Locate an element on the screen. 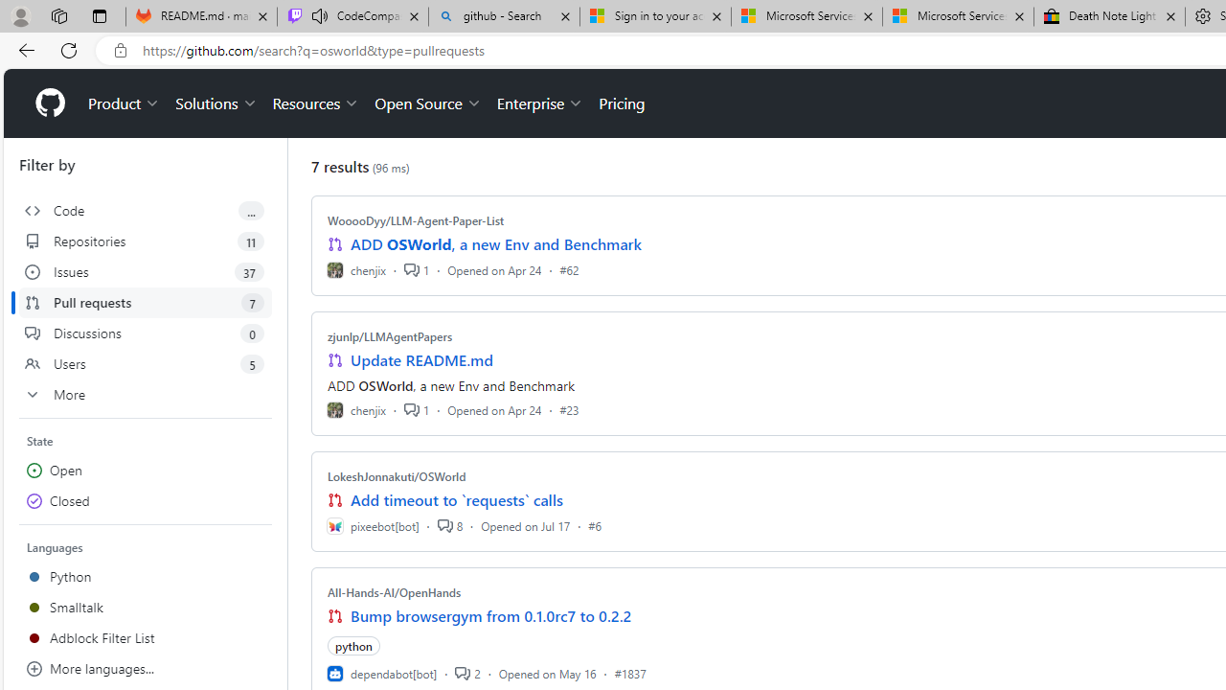 This screenshot has width=1226, height=690. 'Pricing' is located at coordinates (622, 103).